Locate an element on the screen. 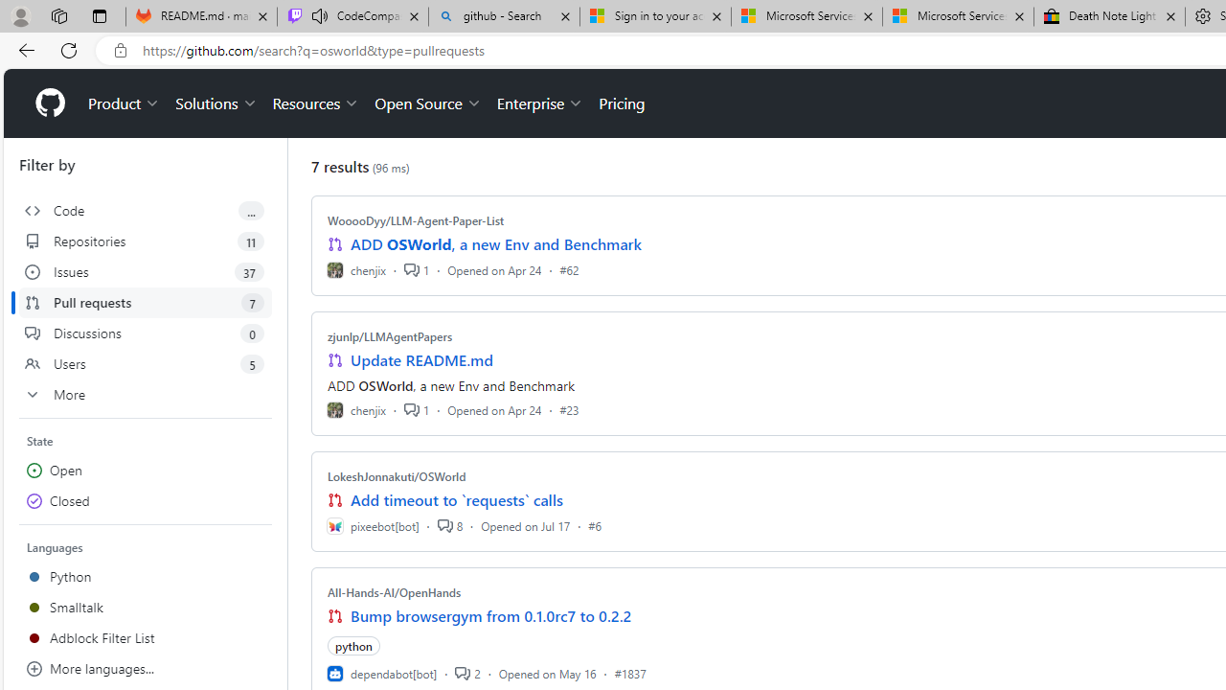 This screenshot has width=1226, height=690. 'Pricing' is located at coordinates (622, 103).